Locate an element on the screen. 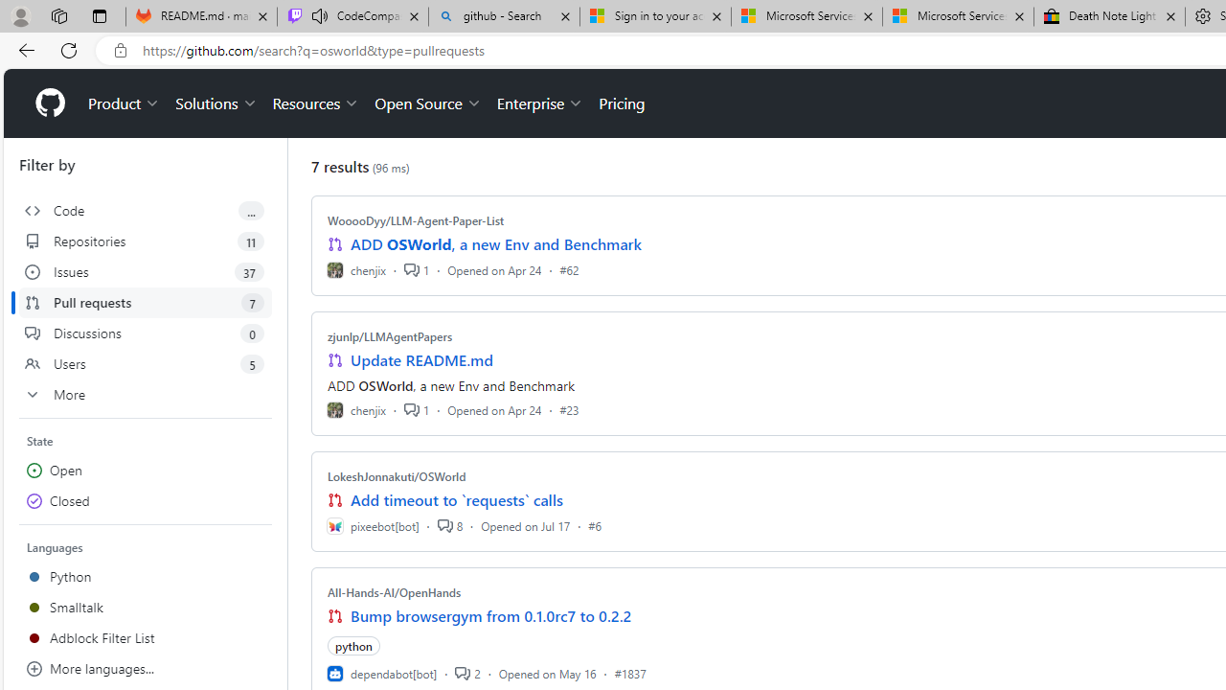 This screenshot has width=1226, height=690. 'Pricing' is located at coordinates (622, 103).